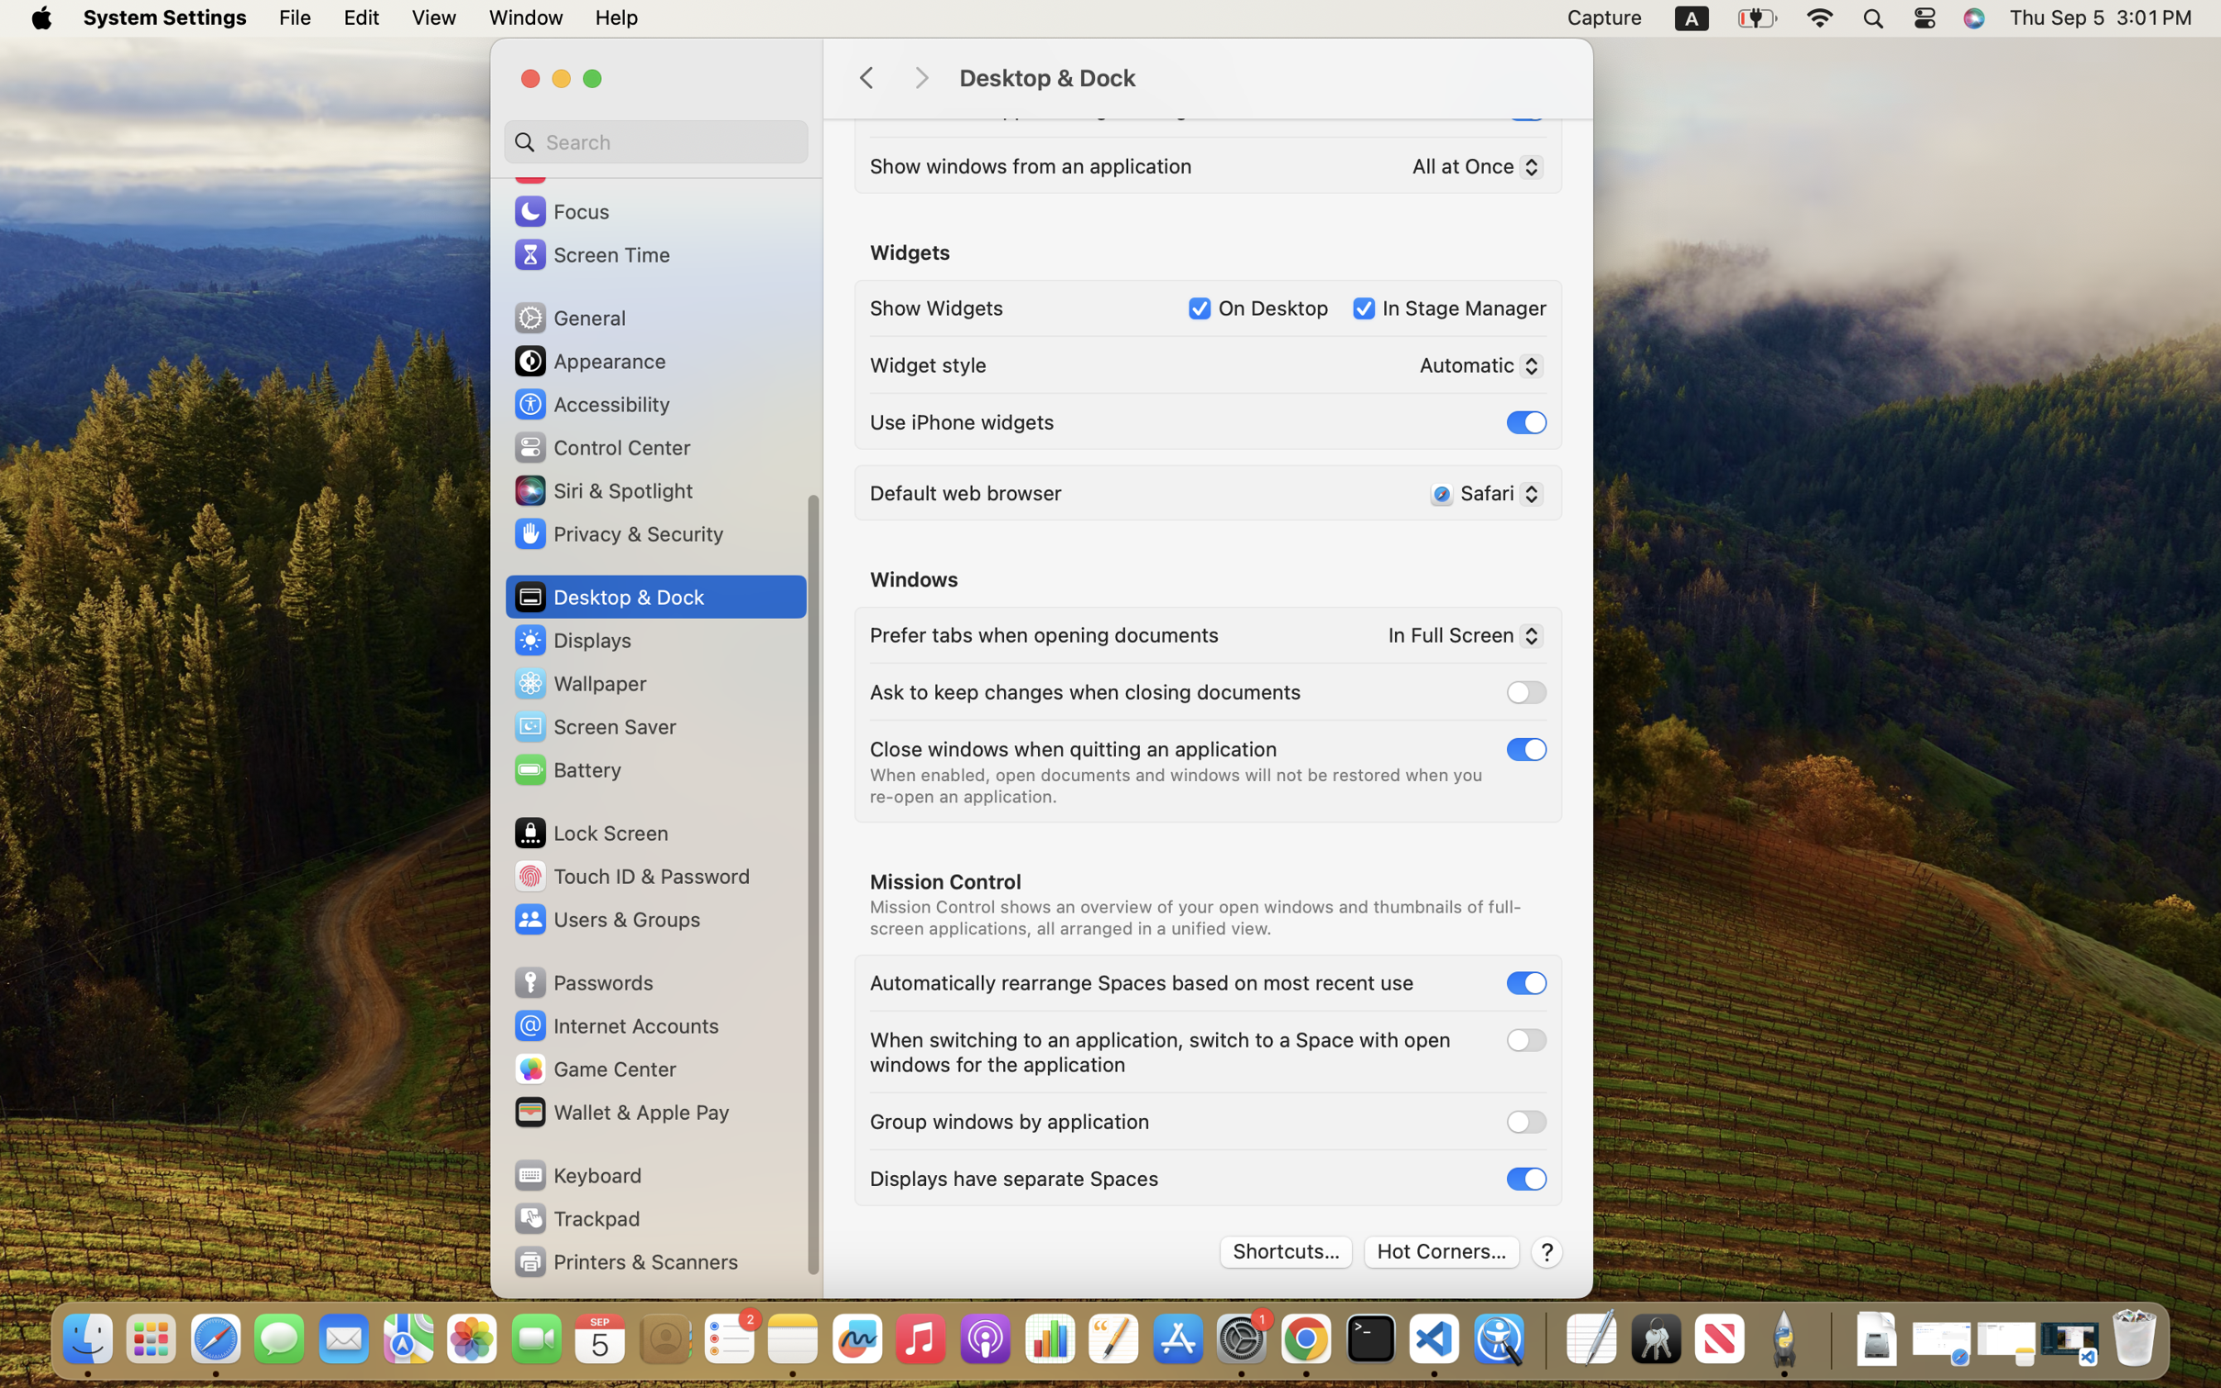 The image size is (2221, 1388). I want to click on 'Siri & Spotlight', so click(601, 488).